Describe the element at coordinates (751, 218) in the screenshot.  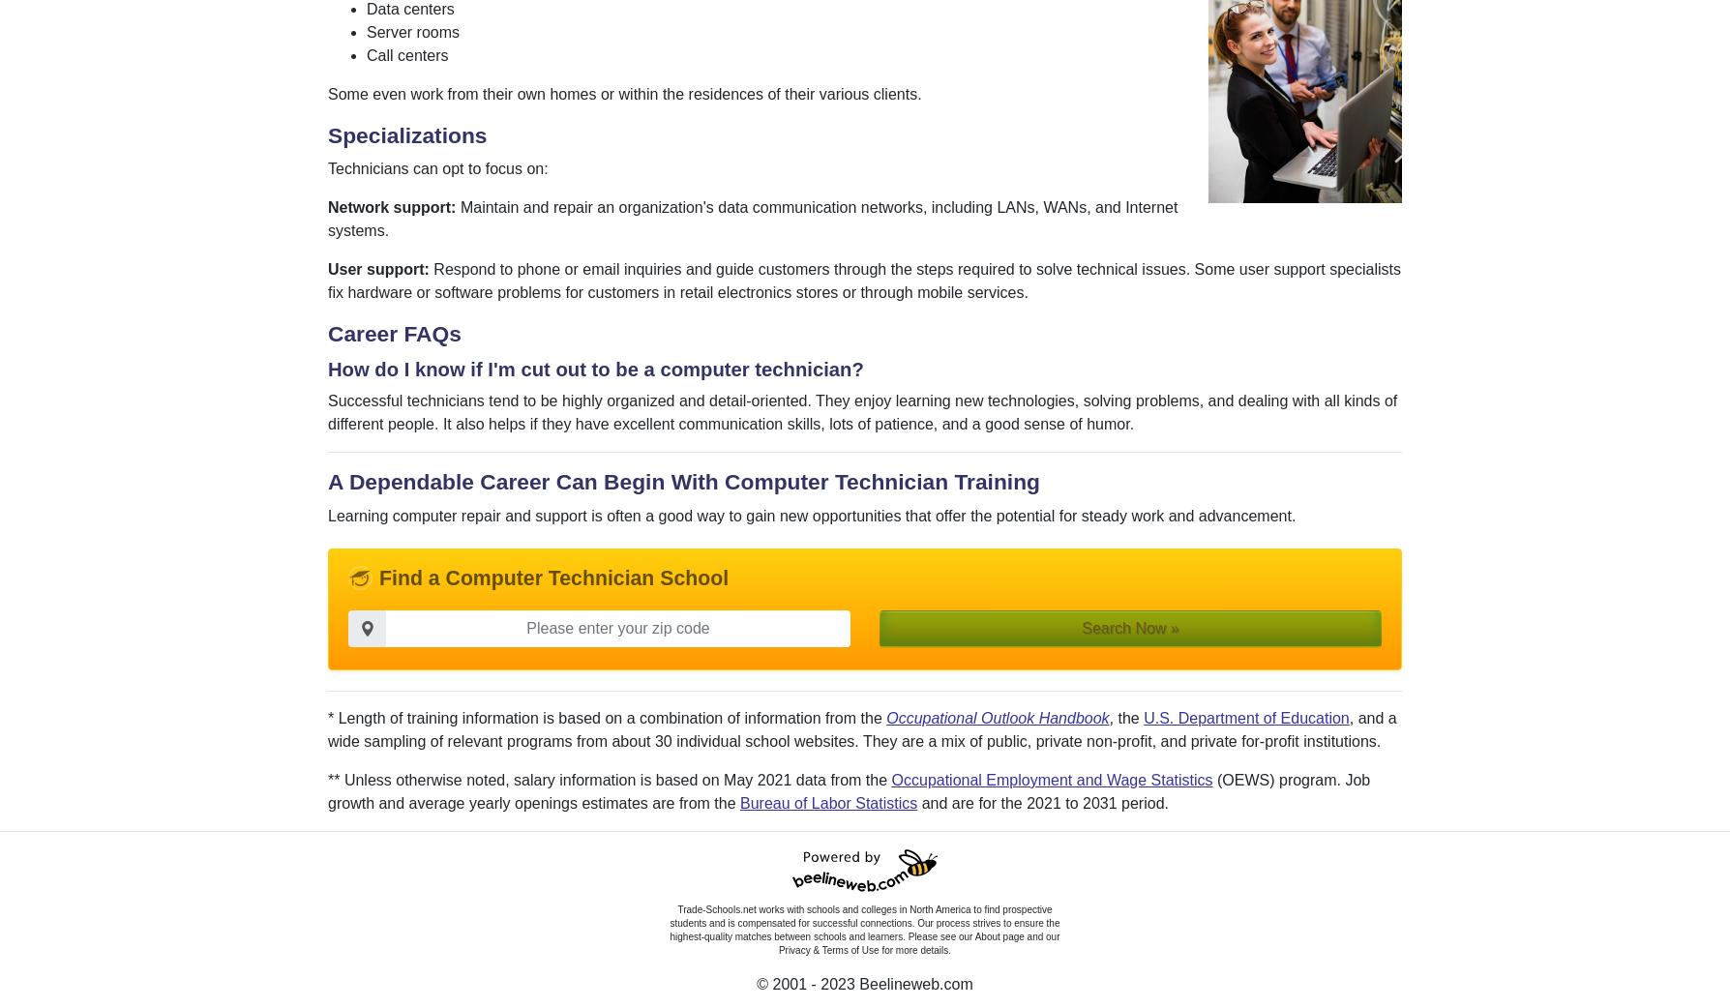
I see `'Maintain and repair an organization's data communication networks, including LANs, WANs, and Internet systems.'` at that location.